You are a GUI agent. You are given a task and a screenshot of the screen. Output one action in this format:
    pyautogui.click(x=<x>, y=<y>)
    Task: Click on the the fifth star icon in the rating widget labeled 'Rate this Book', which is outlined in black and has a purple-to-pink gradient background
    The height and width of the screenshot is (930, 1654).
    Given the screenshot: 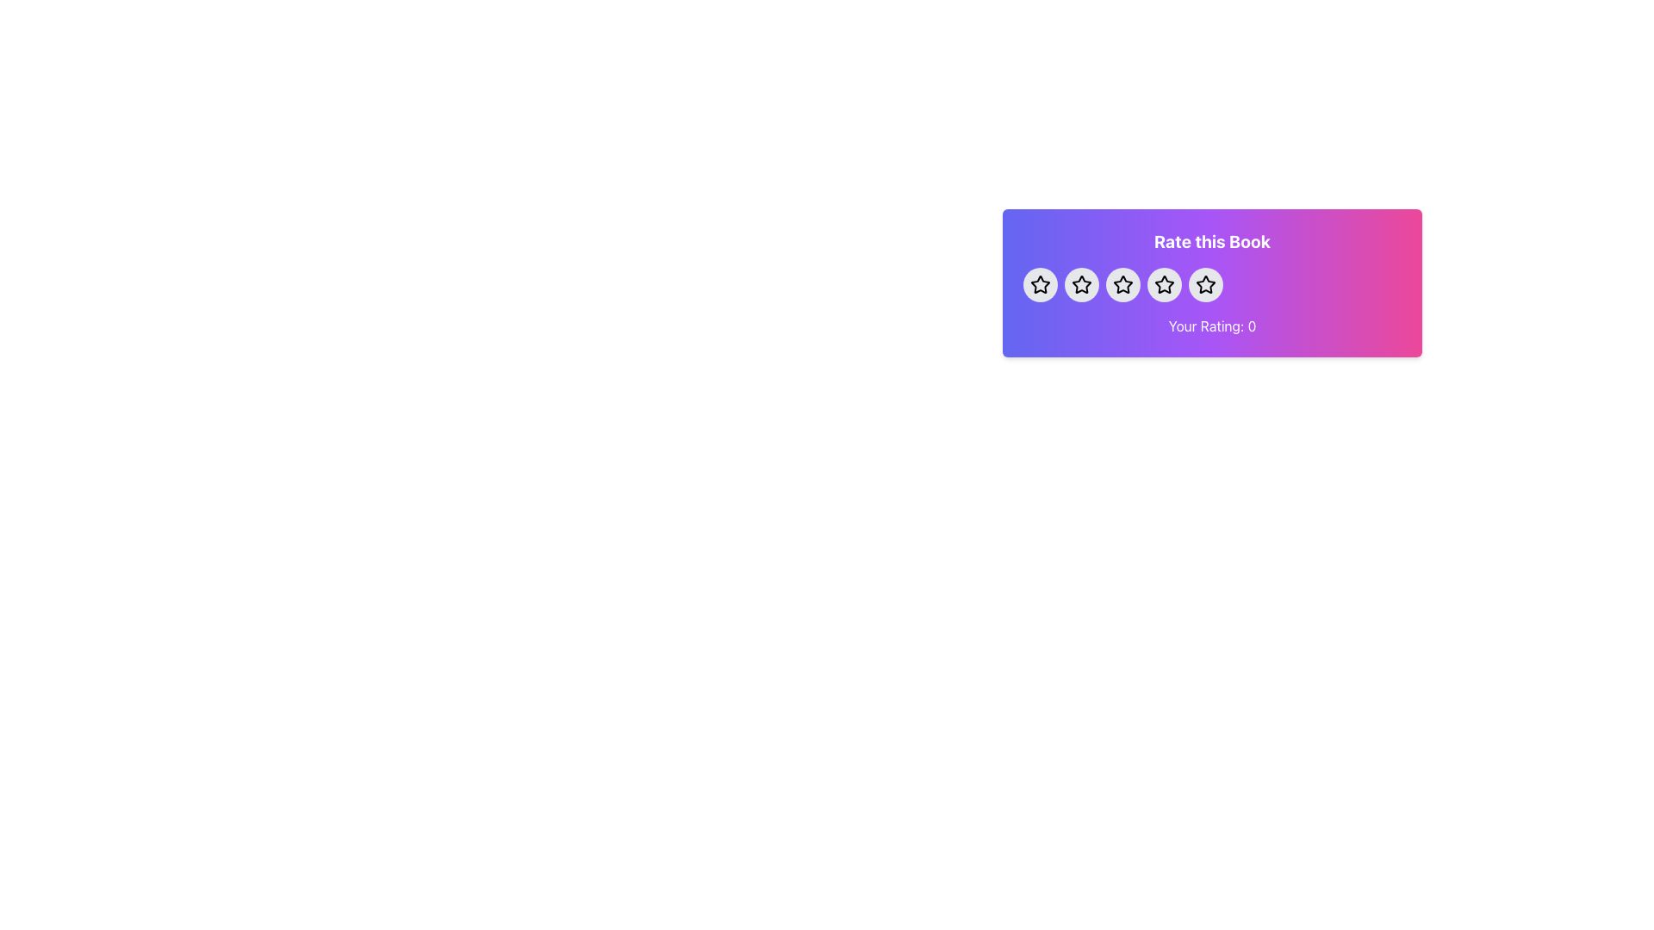 What is the action you would take?
    pyautogui.click(x=1205, y=283)
    